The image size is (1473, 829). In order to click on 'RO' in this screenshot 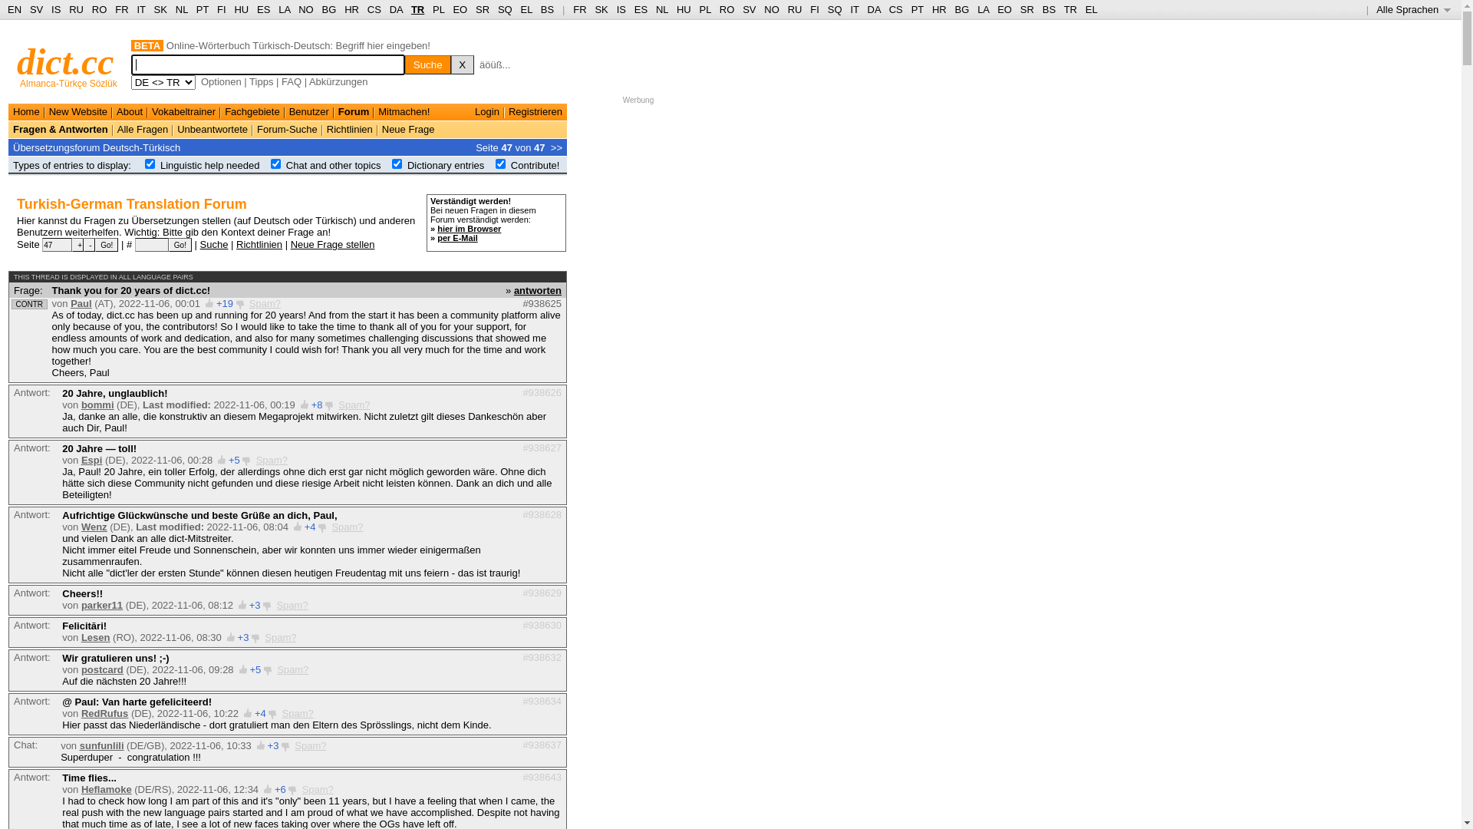, I will do `click(718, 9)`.